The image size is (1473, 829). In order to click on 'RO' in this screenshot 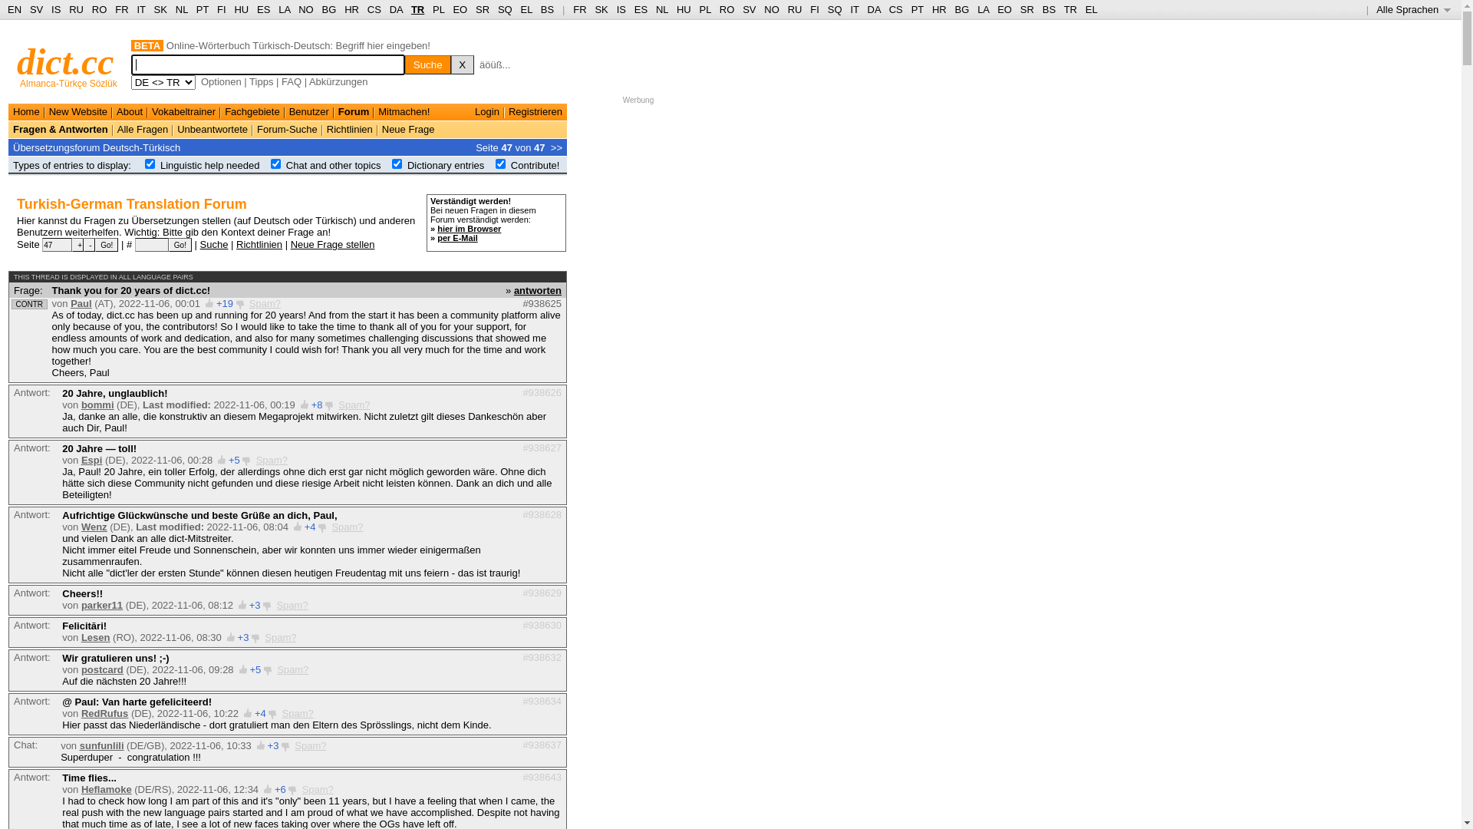, I will do `click(718, 9)`.